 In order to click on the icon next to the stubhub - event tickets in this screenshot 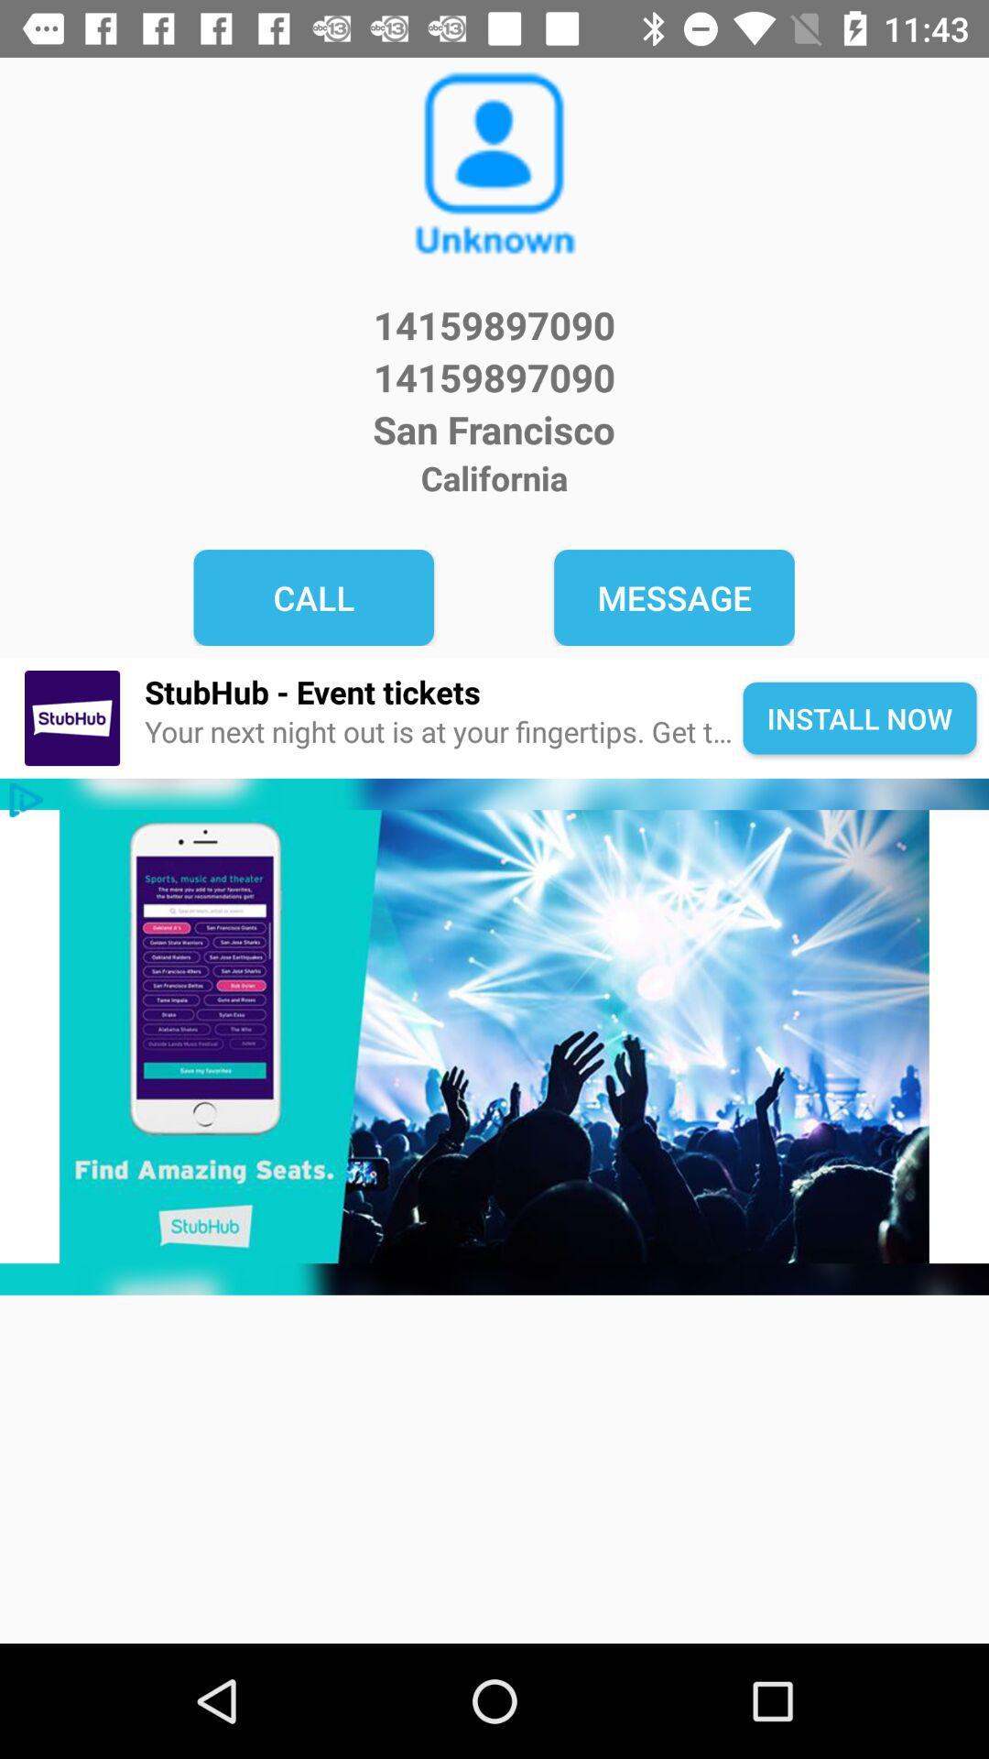, I will do `click(71, 717)`.